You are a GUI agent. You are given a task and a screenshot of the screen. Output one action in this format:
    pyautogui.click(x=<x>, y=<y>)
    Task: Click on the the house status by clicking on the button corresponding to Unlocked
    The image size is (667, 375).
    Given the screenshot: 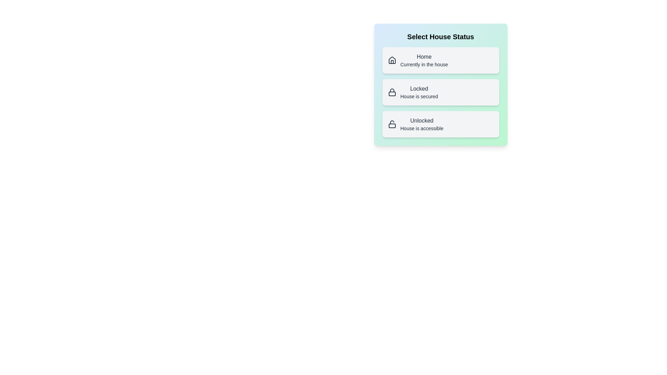 What is the action you would take?
    pyautogui.click(x=440, y=124)
    